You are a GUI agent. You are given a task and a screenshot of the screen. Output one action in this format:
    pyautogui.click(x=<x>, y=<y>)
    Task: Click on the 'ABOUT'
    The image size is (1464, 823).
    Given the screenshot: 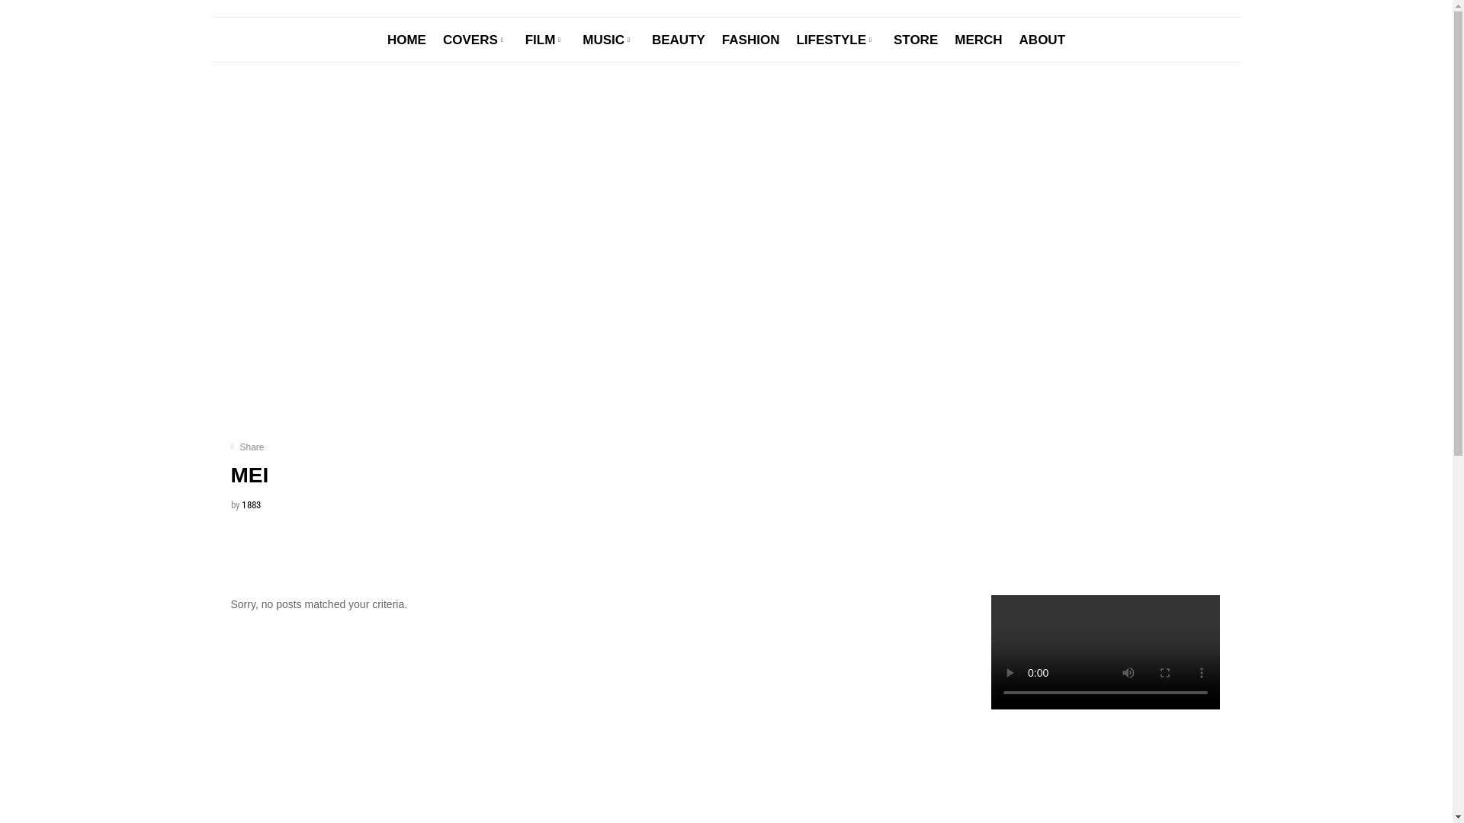 What is the action you would take?
    pyautogui.click(x=1042, y=38)
    